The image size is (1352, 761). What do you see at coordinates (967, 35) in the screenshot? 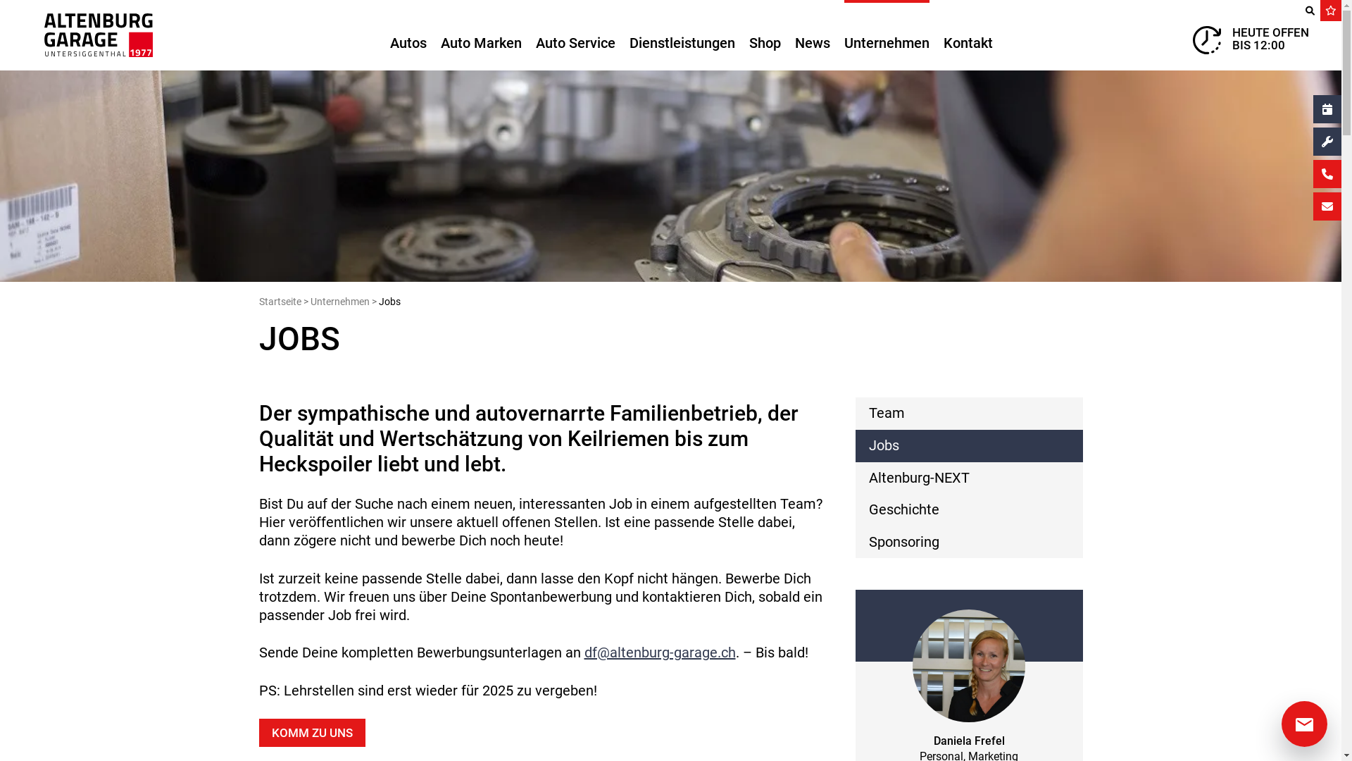
I see `'Kontakt'` at bounding box center [967, 35].